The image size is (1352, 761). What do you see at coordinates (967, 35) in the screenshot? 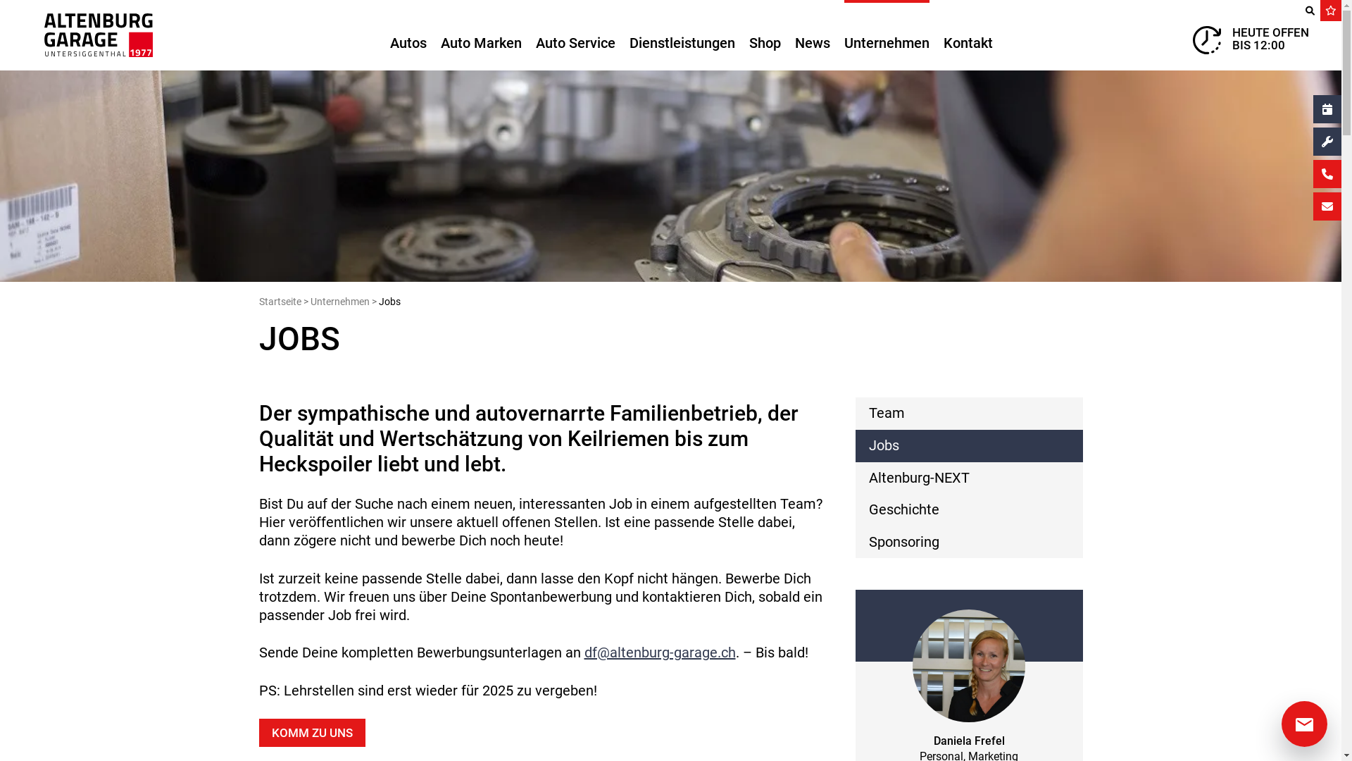
I see `'Kontakt'` at bounding box center [967, 35].